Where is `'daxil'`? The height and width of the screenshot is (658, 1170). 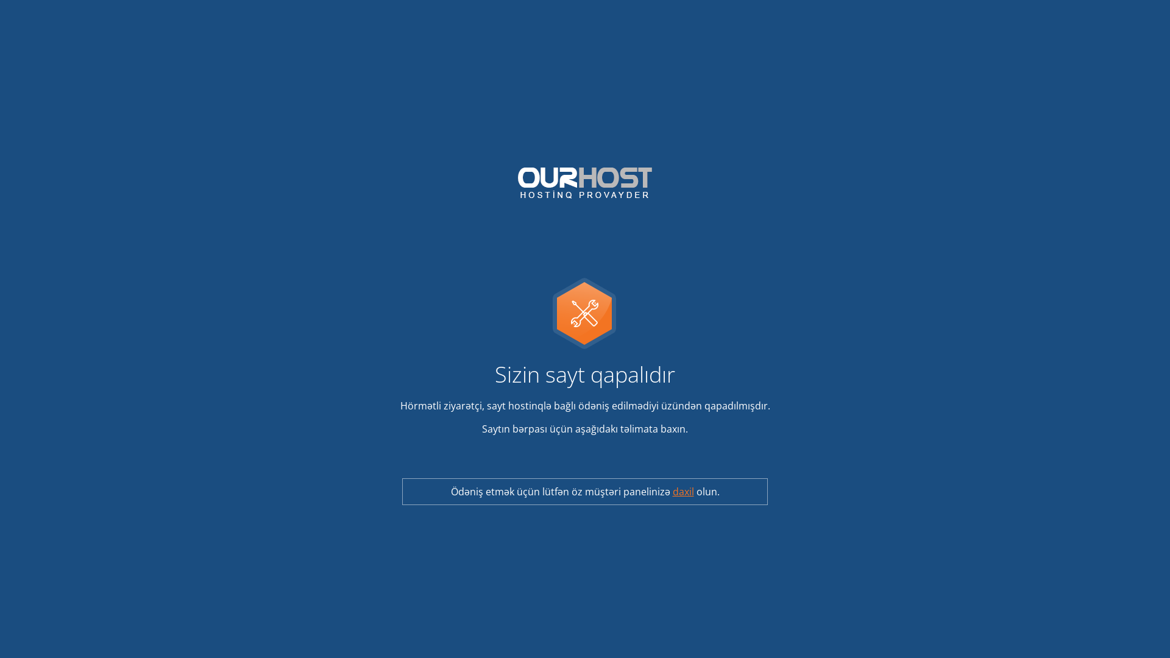 'daxil' is located at coordinates (672, 490).